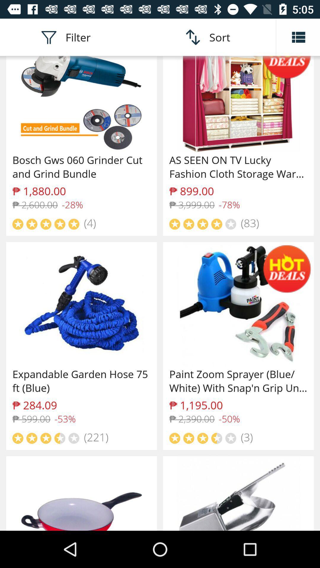 This screenshot has height=568, width=320. I want to click on open a menu, so click(298, 37).